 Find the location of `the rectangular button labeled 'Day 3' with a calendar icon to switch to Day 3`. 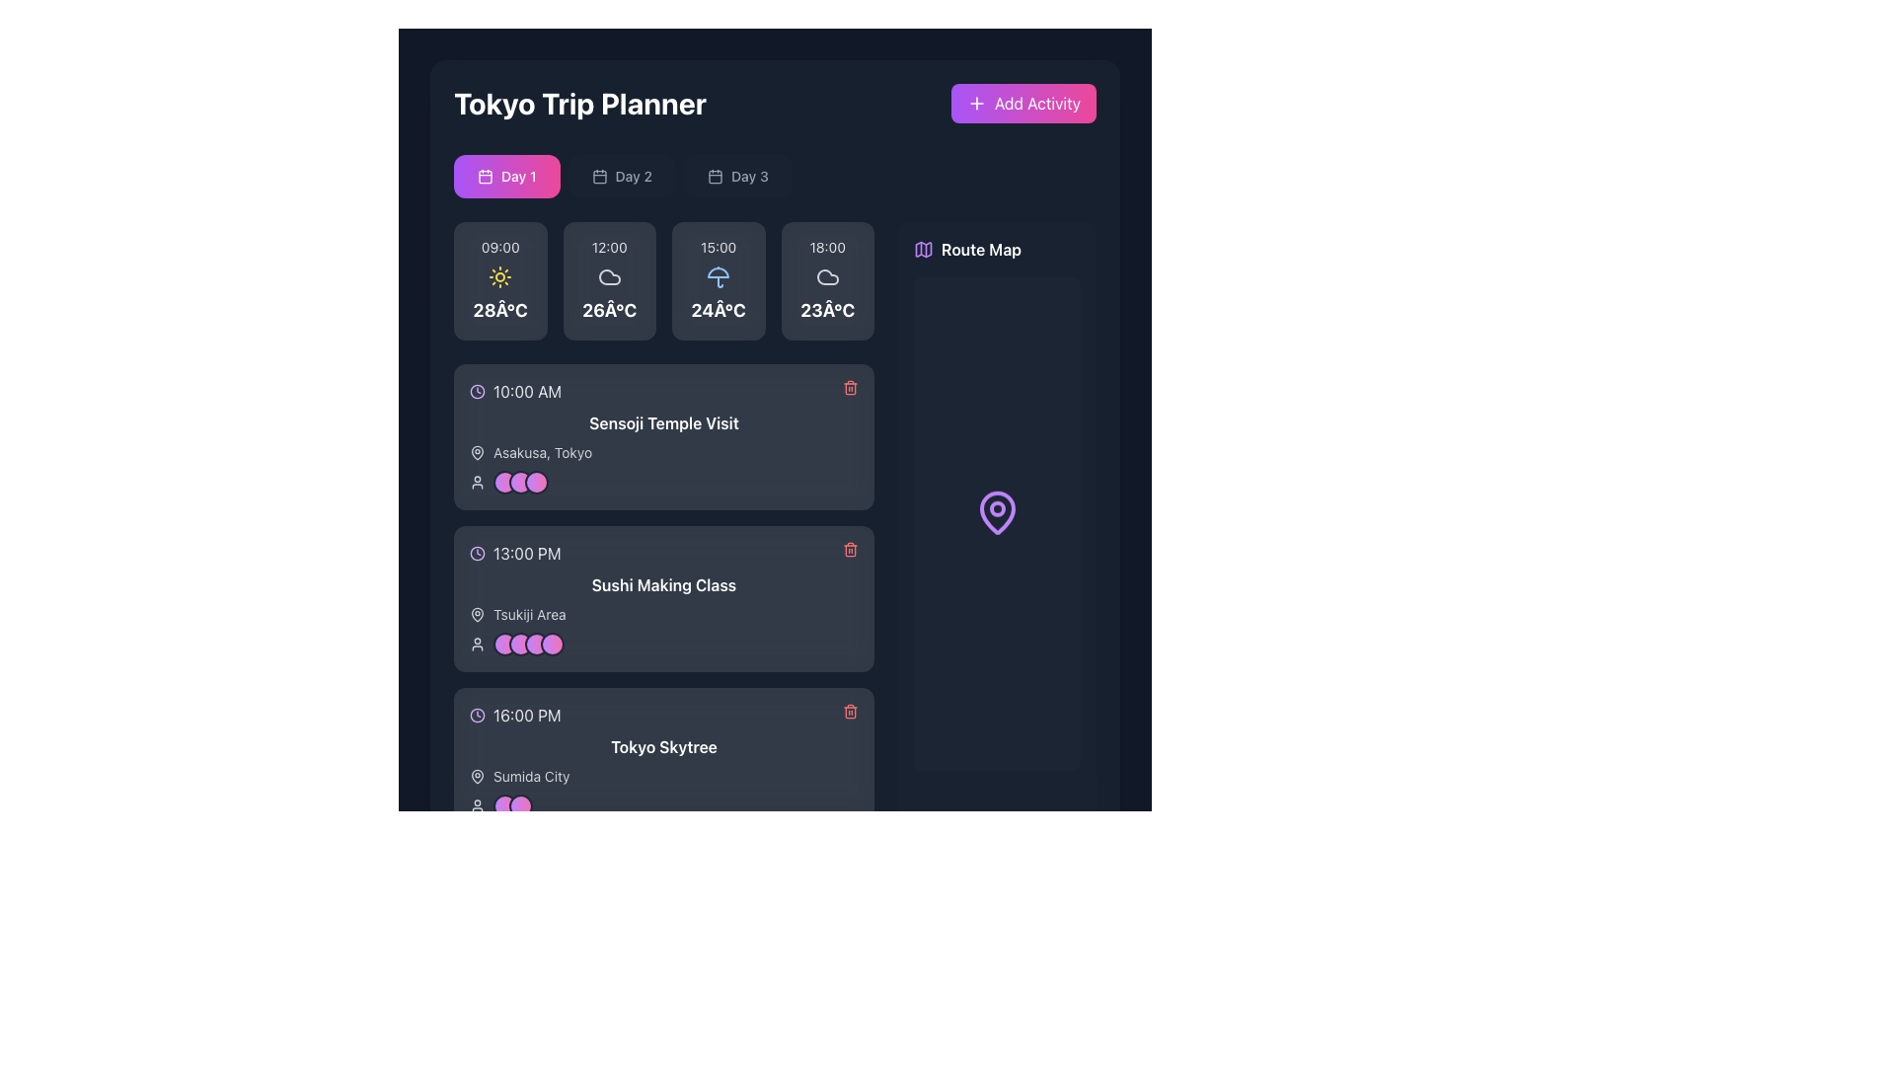

the rectangular button labeled 'Day 3' with a calendar icon to switch to Day 3 is located at coordinates (736, 175).